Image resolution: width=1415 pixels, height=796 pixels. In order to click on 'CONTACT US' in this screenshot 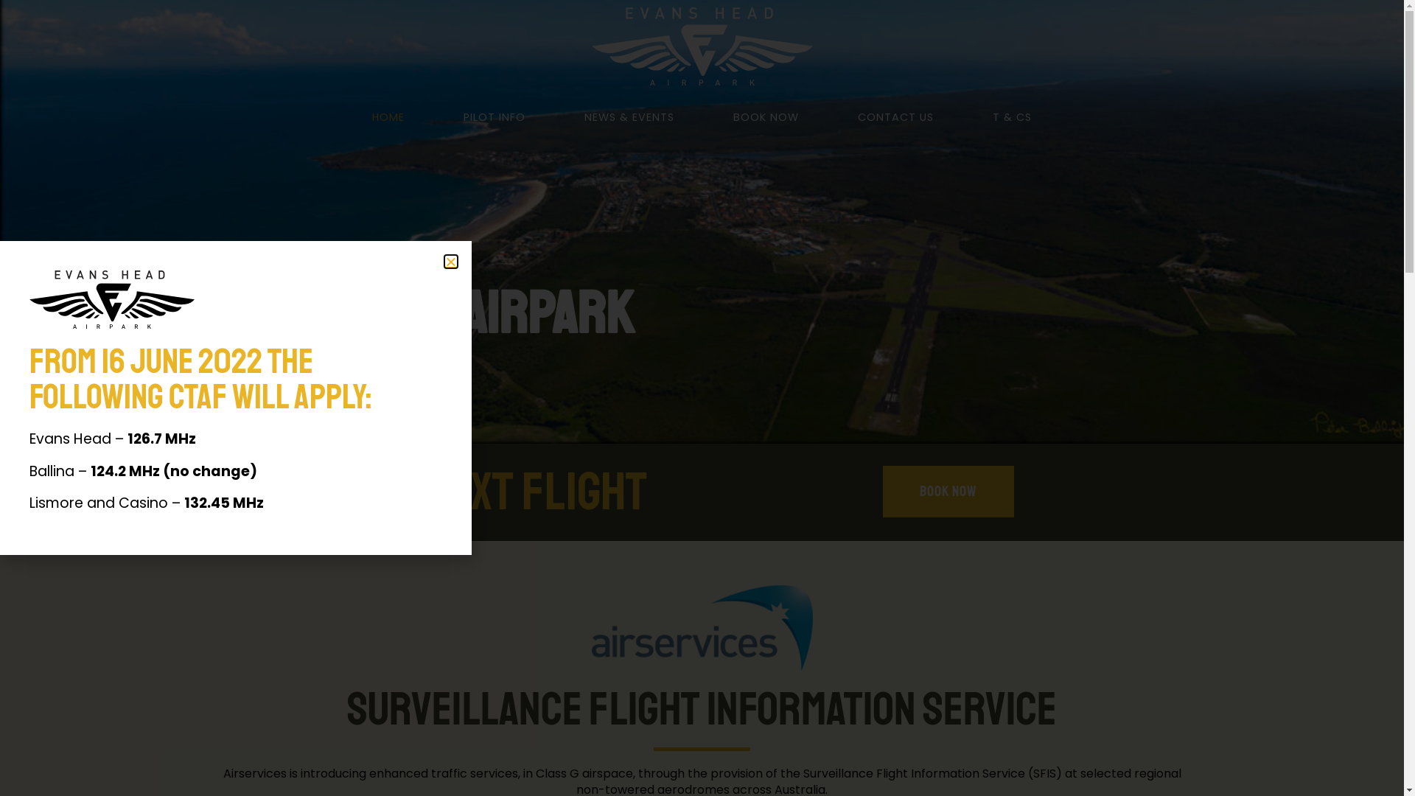, I will do `click(895, 116)`.